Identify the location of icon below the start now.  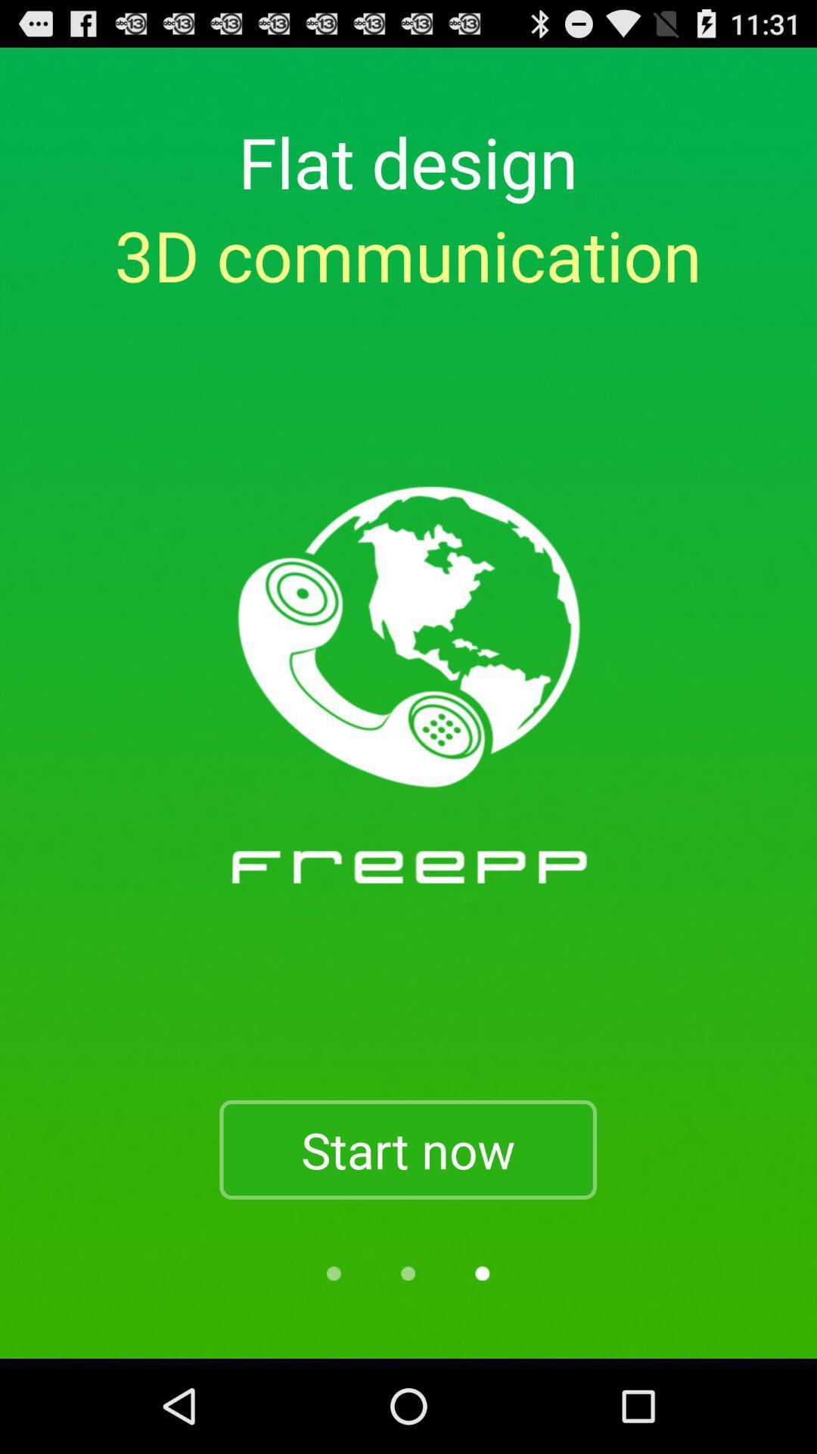
(482, 1272).